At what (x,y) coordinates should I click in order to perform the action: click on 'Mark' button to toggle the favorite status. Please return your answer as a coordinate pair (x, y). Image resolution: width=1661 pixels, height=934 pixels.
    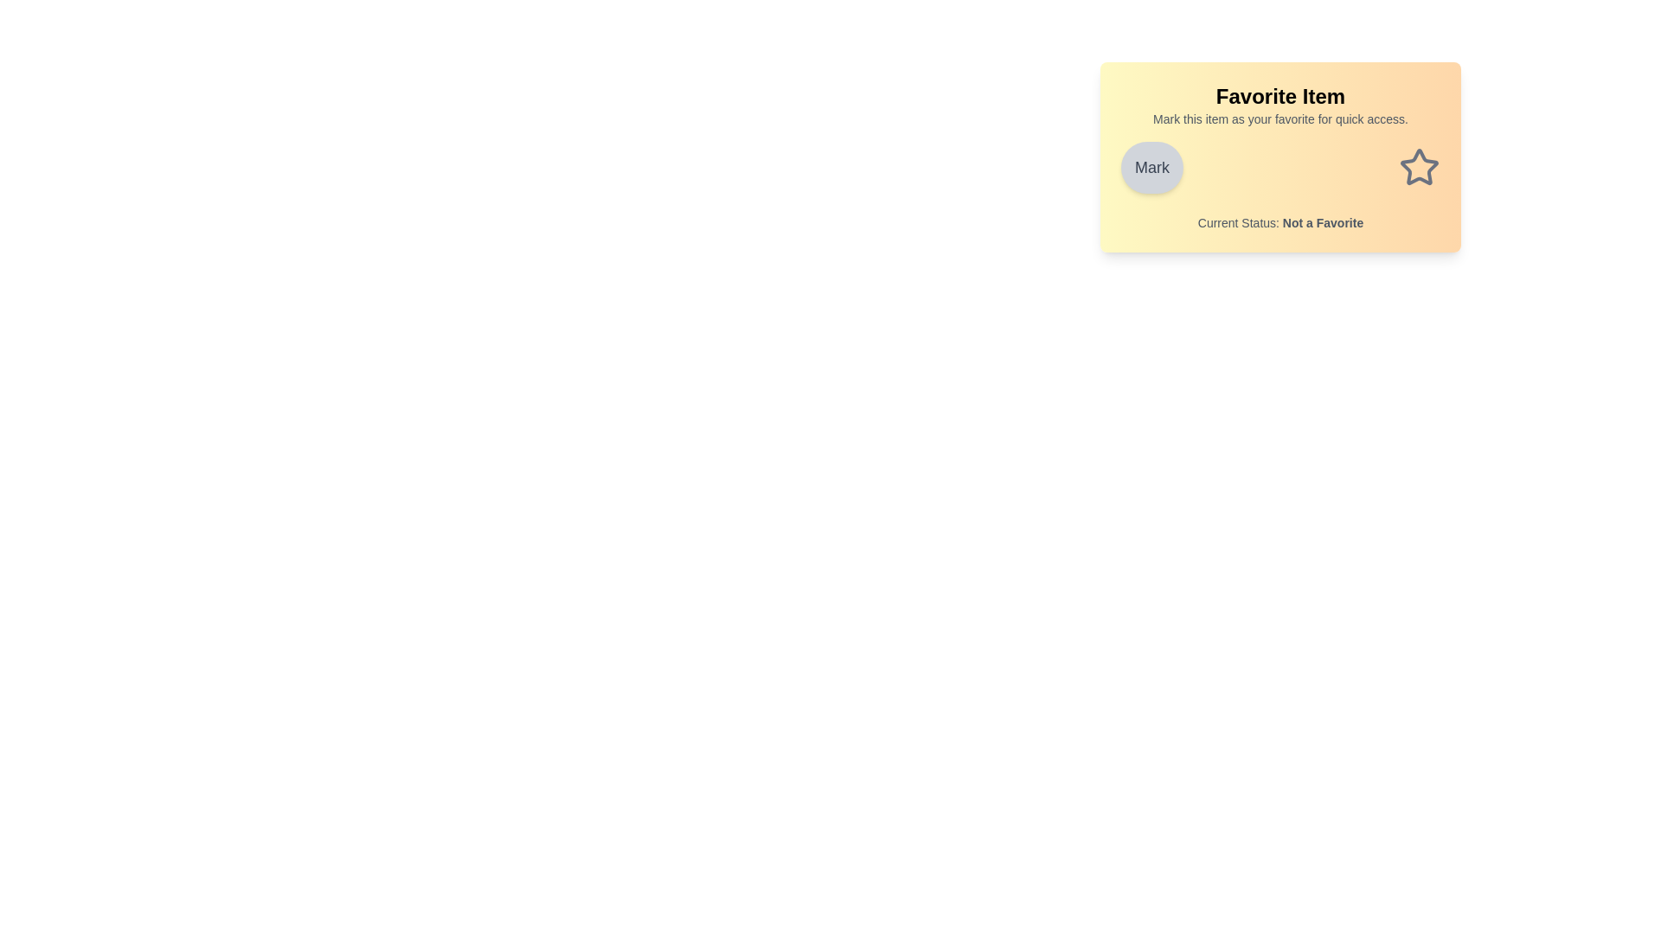
    Looking at the image, I should click on (1151, 167).